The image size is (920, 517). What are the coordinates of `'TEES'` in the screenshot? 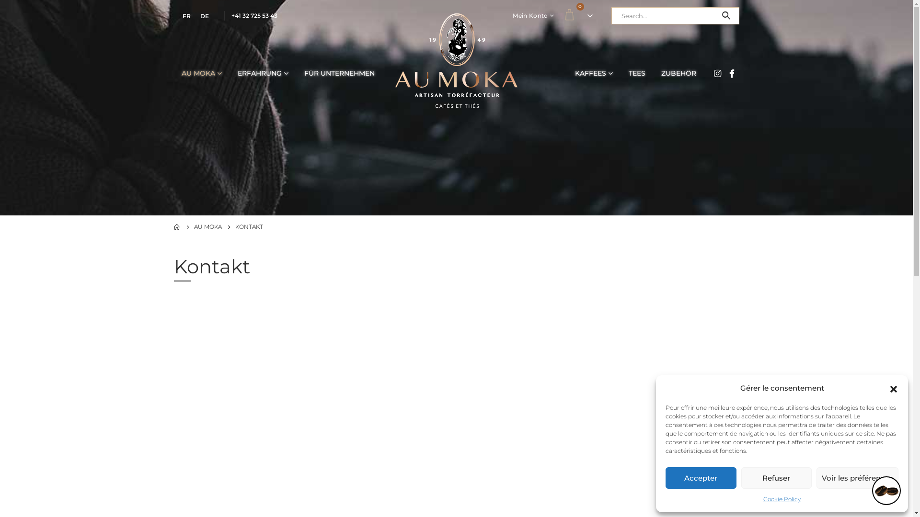 It's located at (637, 73).